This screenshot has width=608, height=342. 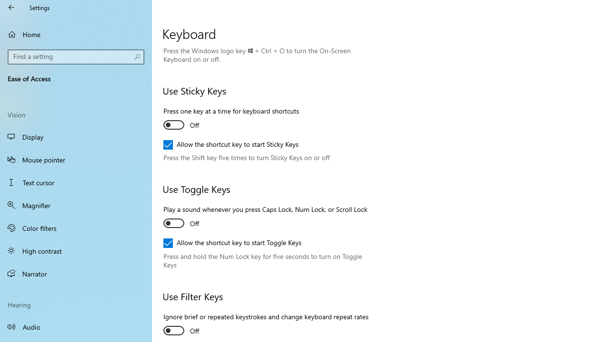 I want to click on 'Allow the shortcut key to start Sticky Keys', so click(x=231, y=144).